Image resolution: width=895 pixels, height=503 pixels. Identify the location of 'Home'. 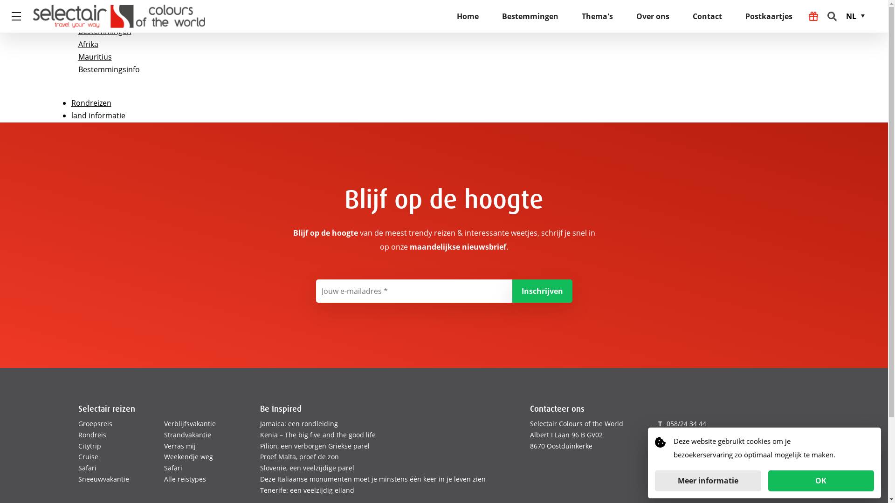
(468, 16).